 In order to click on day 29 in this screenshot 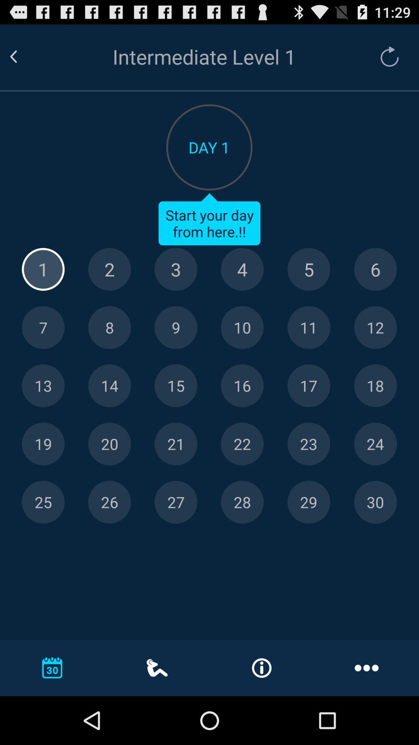, I will do `click(308, 502)`.